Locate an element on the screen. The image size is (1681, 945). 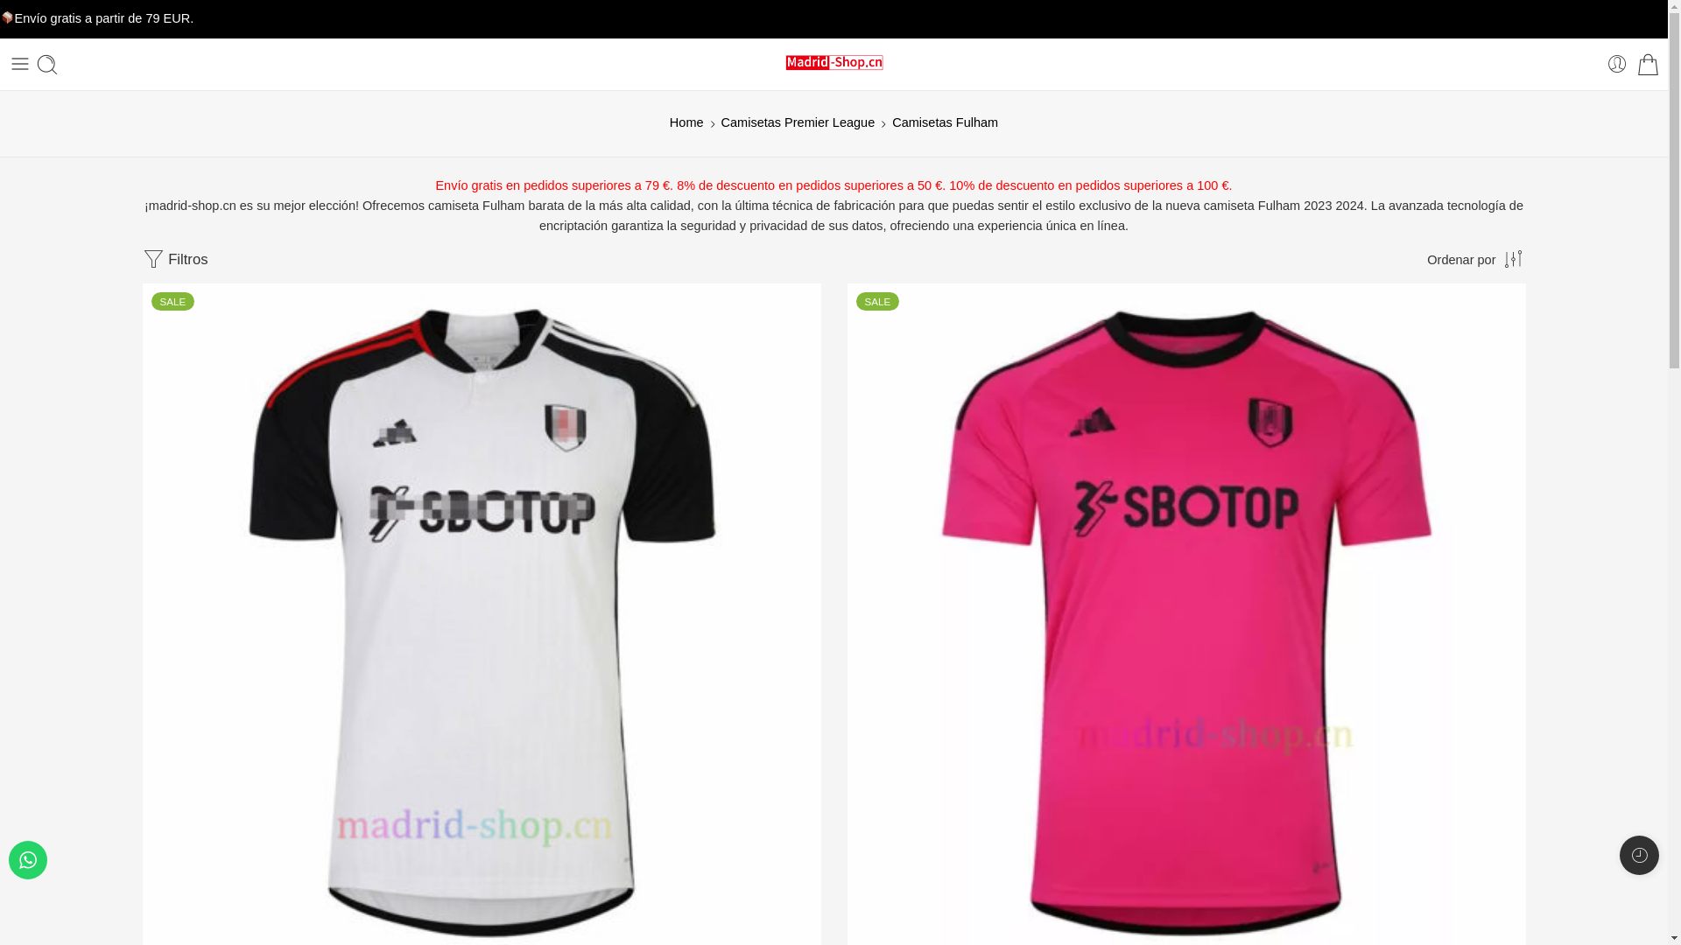
'Recently Viewed' is located at coordinates (1618, 854).